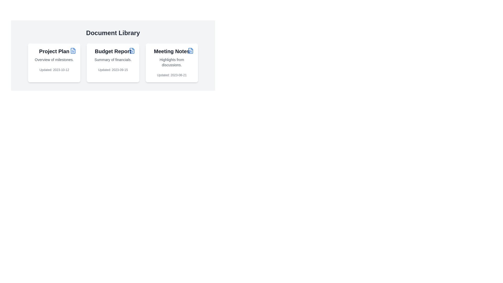  Describe the element at coordinates (54, 62) in the screenshot. I see `the Information card located at the top-left corner of the grid layout` at that location.